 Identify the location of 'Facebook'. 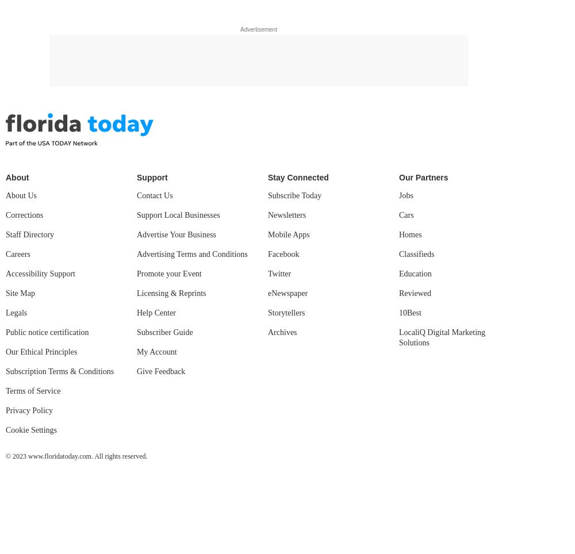
(283, 253).